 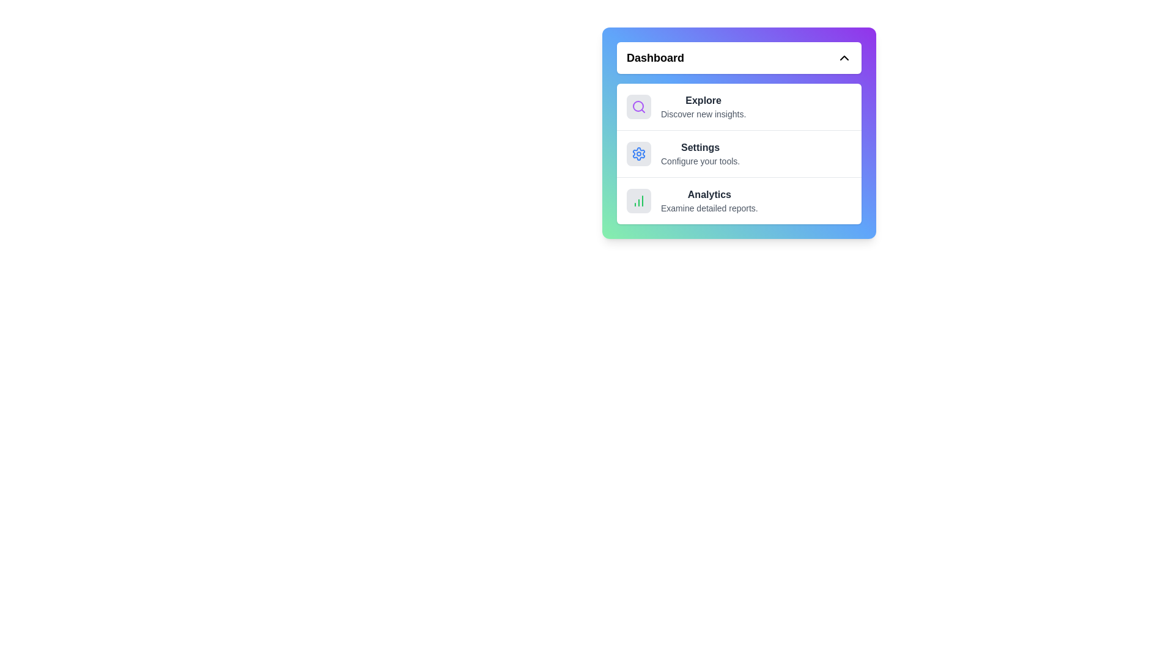 I want to click on the icon corresponding to the menu item Explore, so click(x=638, y=106).